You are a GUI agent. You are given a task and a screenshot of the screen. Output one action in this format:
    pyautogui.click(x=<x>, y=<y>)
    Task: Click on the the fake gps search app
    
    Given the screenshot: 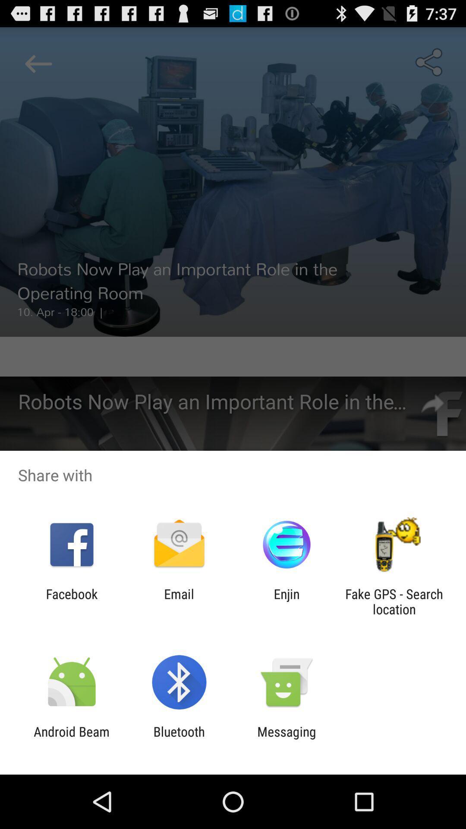 What is the action you would take?
    pyautogui.click(x=394, y=601)
    